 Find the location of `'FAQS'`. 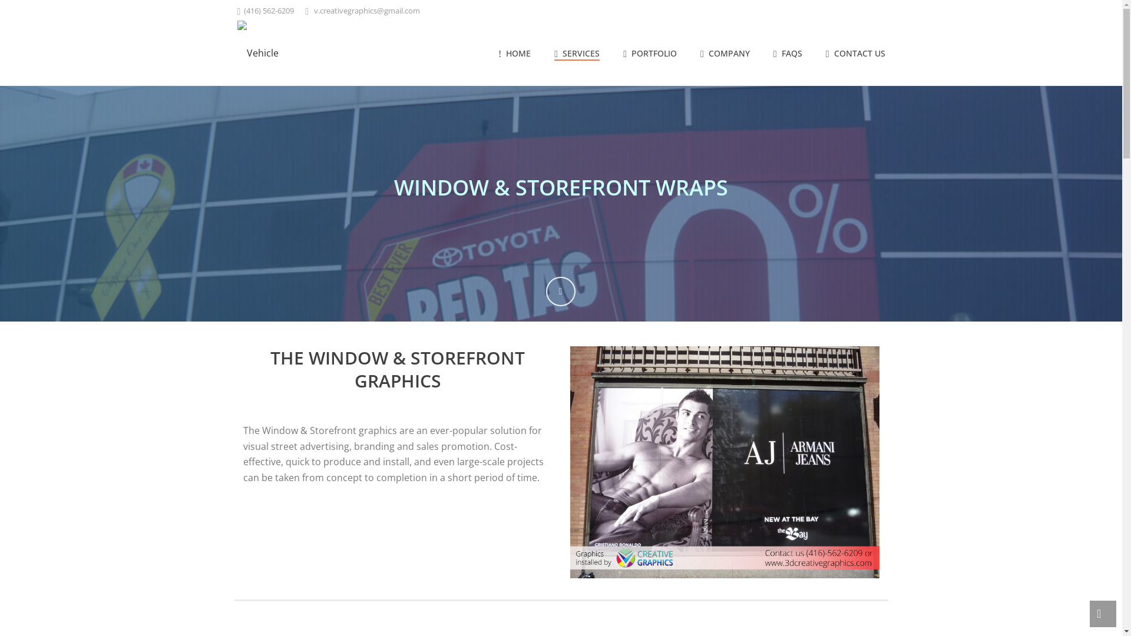

'FAQS' is located at coordinates (788, 54).